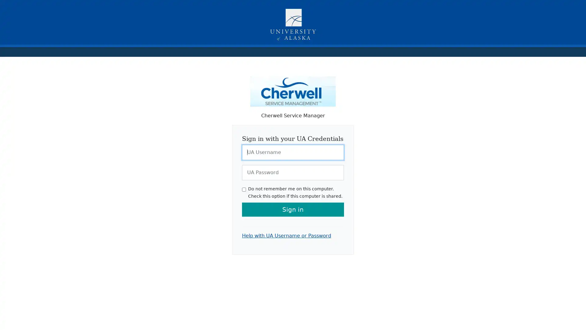  Describe the element at coordinates (293, 209) in the screenshot. I see `Sign in` at that location.